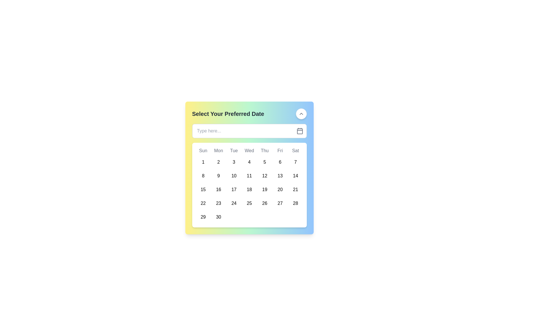 The width and height of the screenshot is (550, 309). I want to click on the circular button labeled '12' in the calendar grid to observe its styling effect, which includes a background color change to blue and text color change to white, so click(264, 175).